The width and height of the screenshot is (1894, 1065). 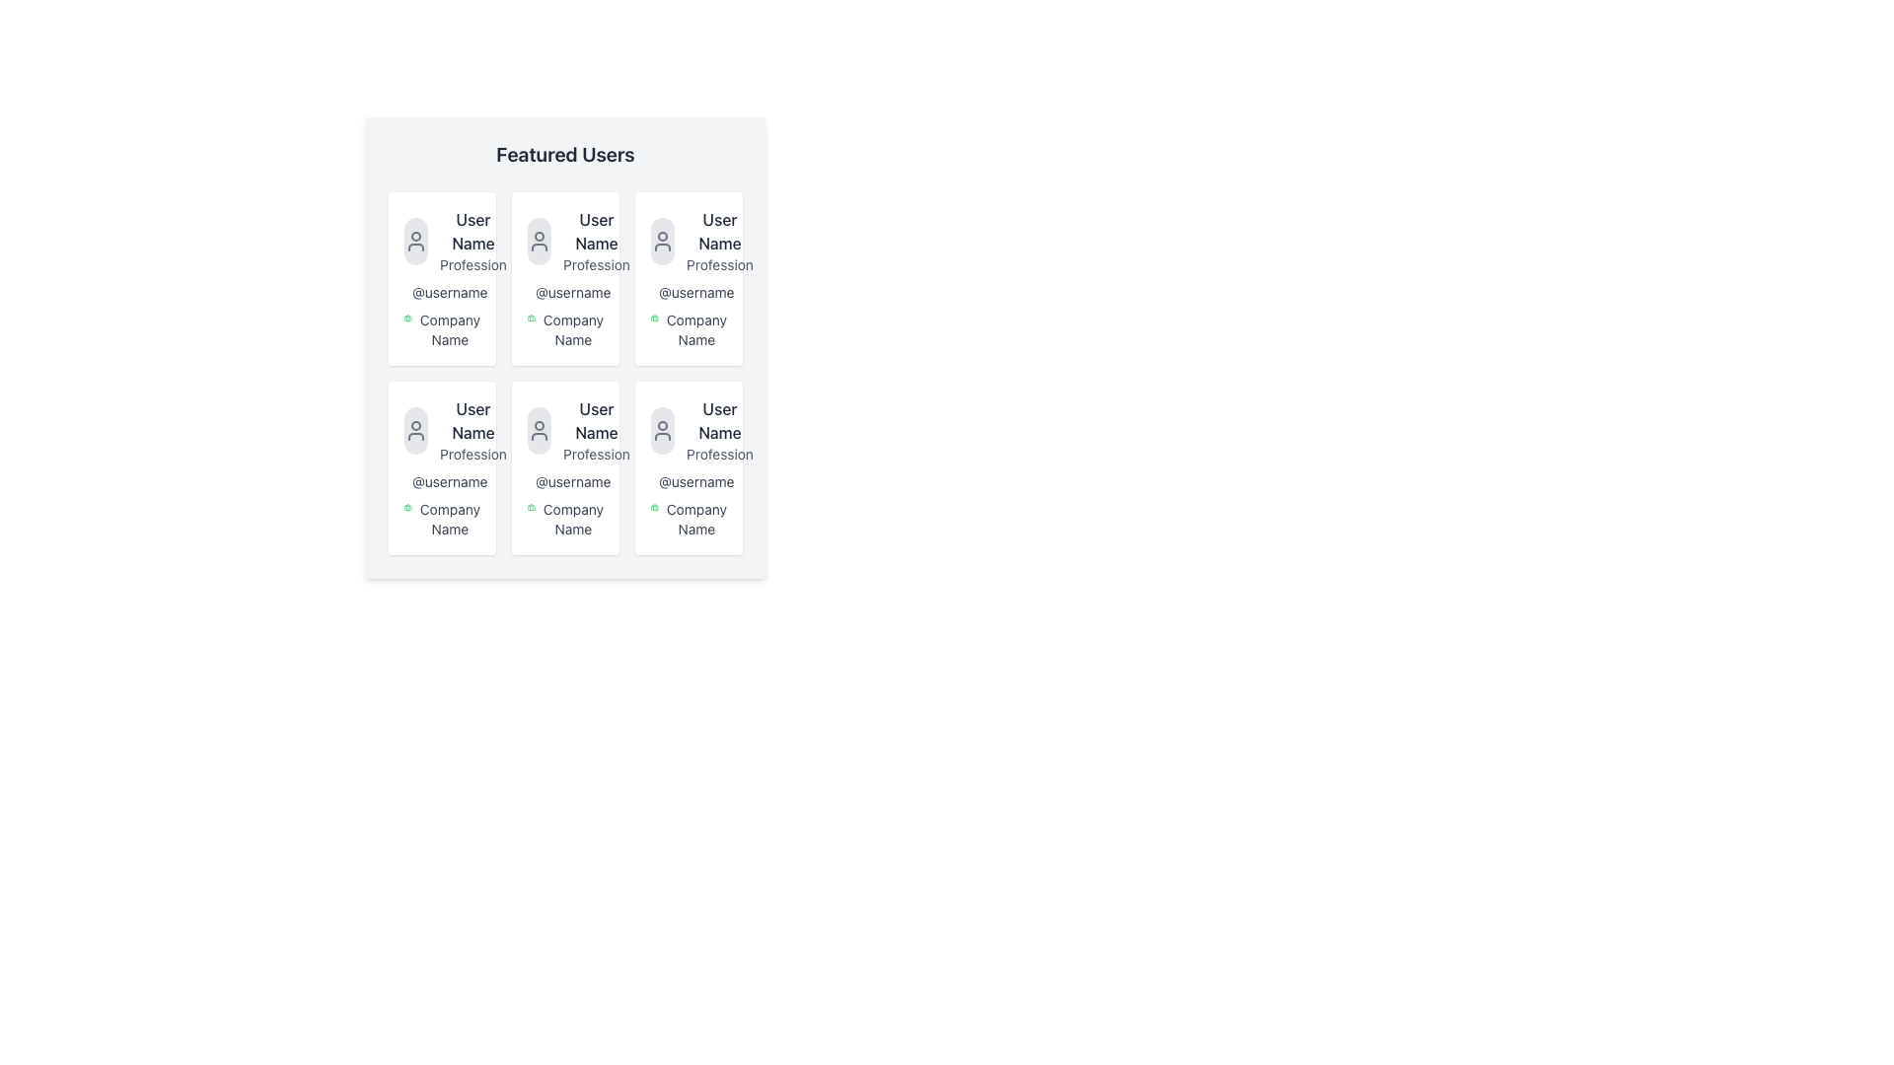 What do you see at coordinates (595, 231) in the screenshot?
I see `the text label displaying 'User Name' which is located on the second card in the top row under the 'Featured Users' header` at bounding box center [595, 231].